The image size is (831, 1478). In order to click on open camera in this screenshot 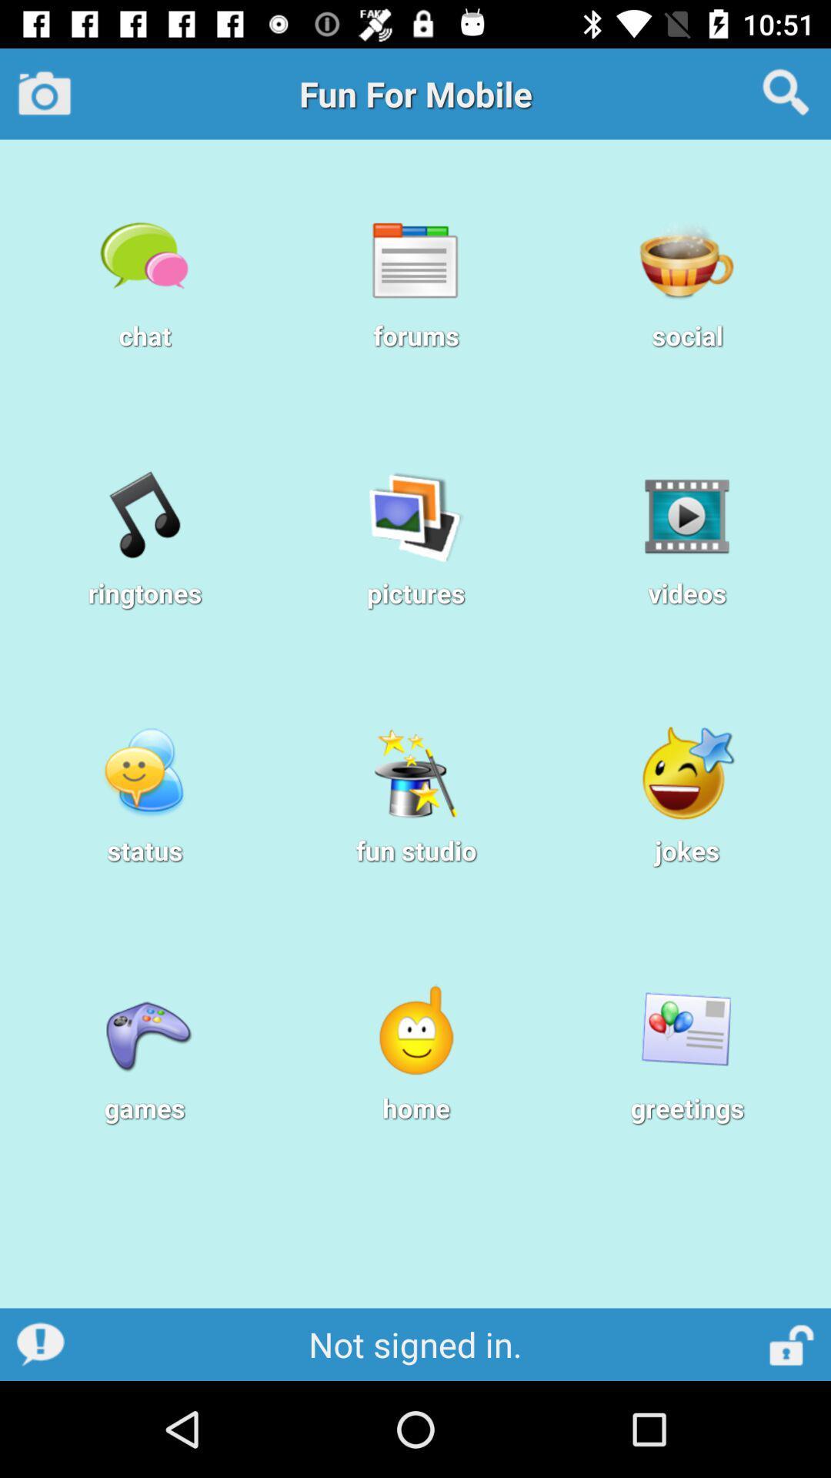, I will do `click(44, 92)`.